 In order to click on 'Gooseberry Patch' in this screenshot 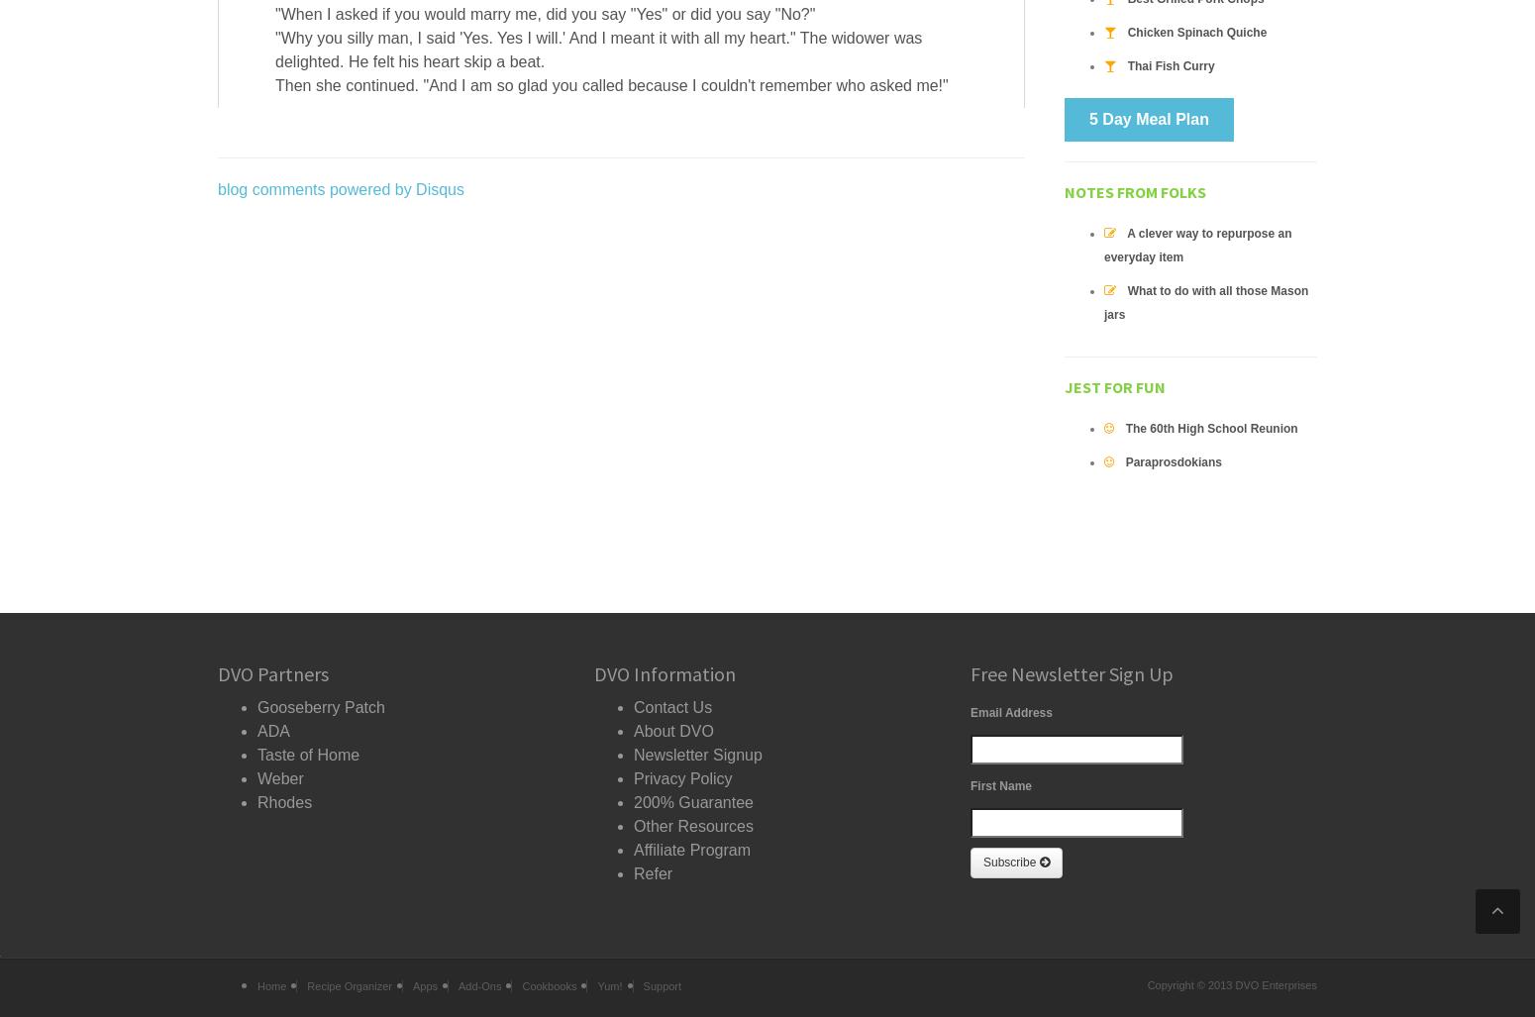, I will do `click(319, 707)`.